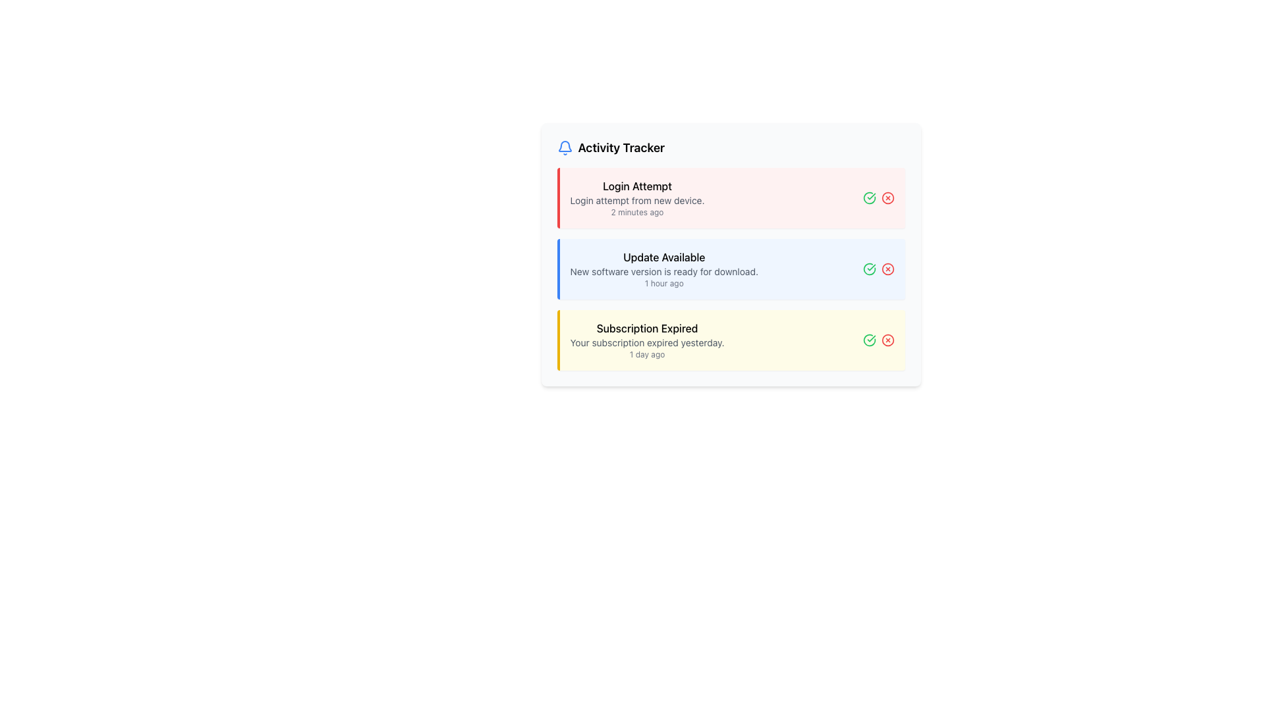  What do you see at coordinates (637, 186) in the screenshot?
I see `text content of the 'Login Attempt' text label, which is displayed prominently in bold within the notification box` at bounding box center [637, 186].